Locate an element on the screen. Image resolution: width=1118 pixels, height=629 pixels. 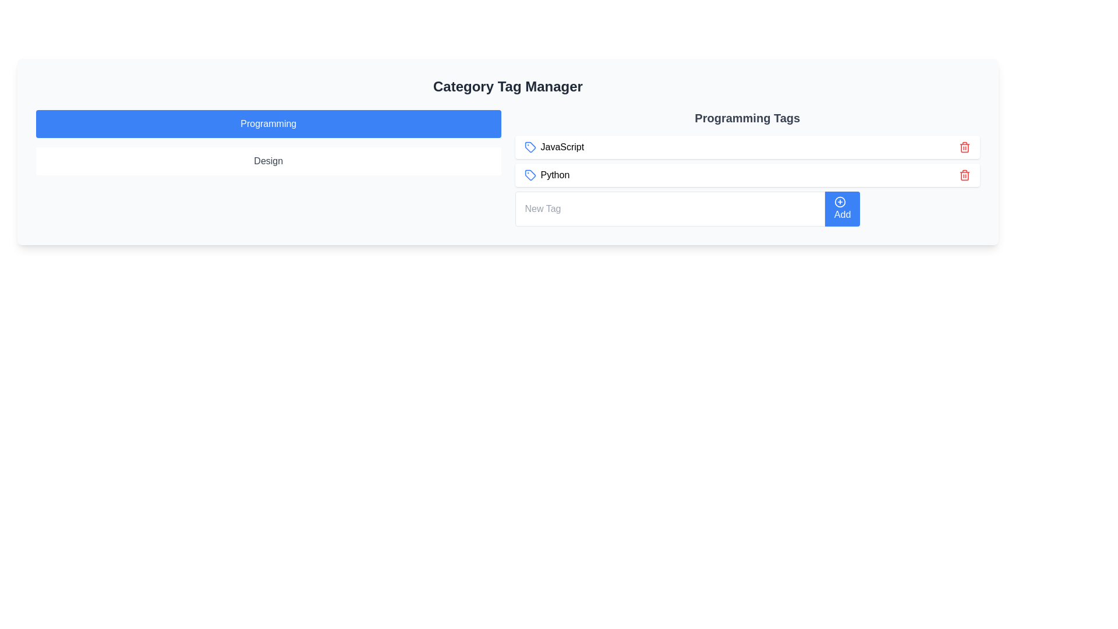
the 'JavaScript' tag item using the keyboard arrow keys, which is the first item under the 'Programming Tags' section is located at coordinates (747, 147).